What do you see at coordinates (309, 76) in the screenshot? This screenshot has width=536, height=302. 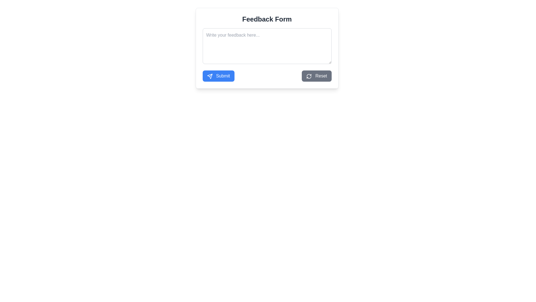 I see `the SVG icon embedded within the 'Reset' button located at the bottom right of the feedback form` at bounding box center [309, 76].